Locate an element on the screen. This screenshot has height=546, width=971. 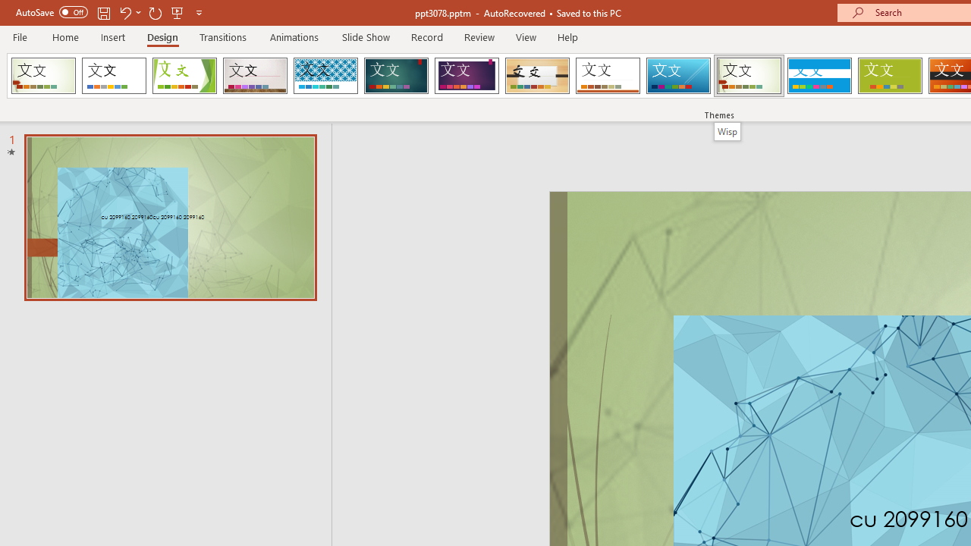
'Review' is located at coordinates (478, 36).